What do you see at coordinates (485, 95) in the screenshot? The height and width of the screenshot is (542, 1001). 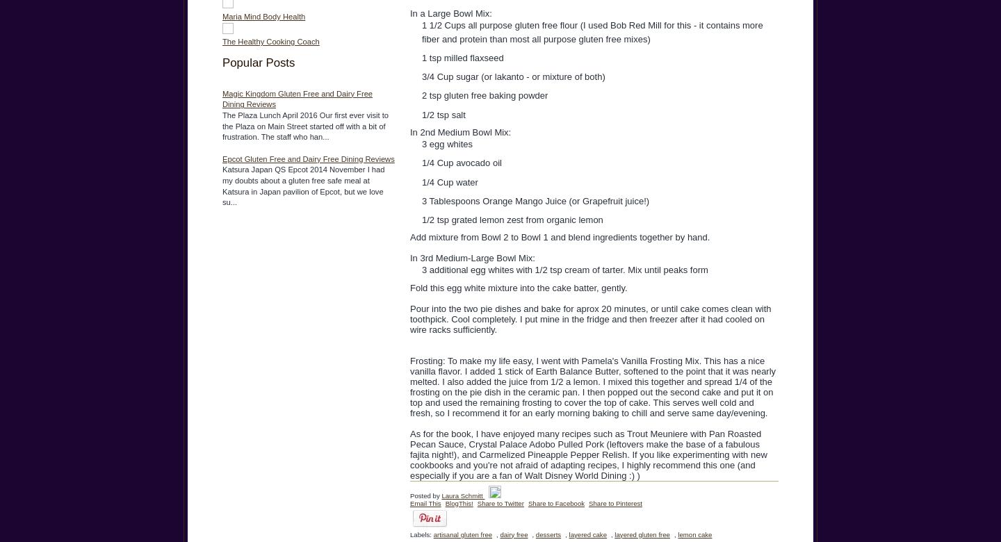 I see `'2 tsp gluten free baking powder'` at bounding box center [485, 95].